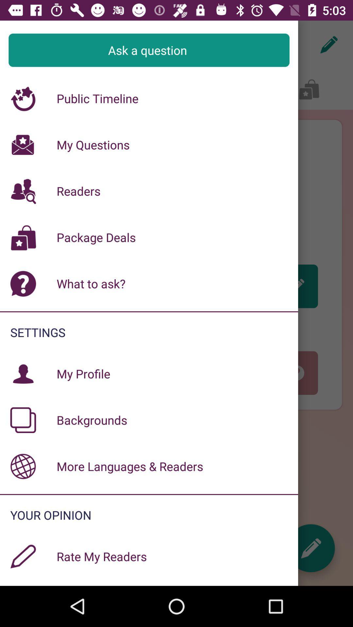  Describe the element at coordinates (311, 548) in the screenshot. I see `the edit icon` at that location.